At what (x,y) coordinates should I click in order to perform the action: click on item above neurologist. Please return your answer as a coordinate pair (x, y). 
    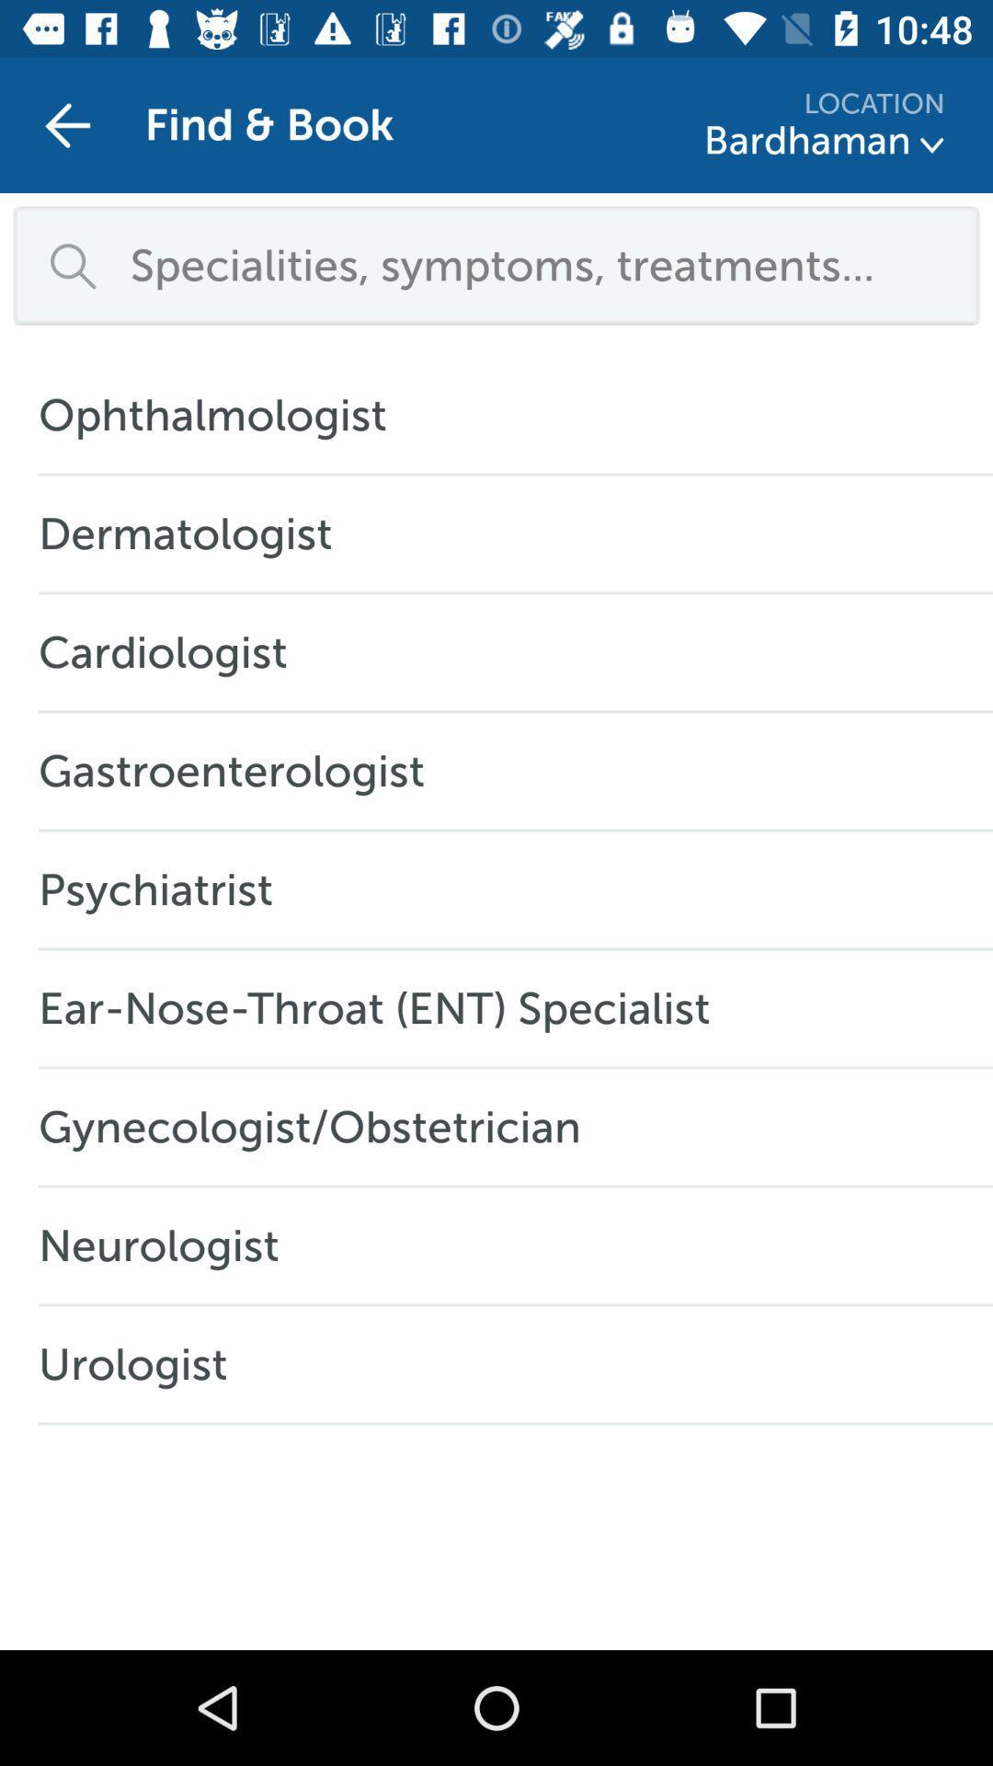
    Looking at the image, I should click on (318, 1126).